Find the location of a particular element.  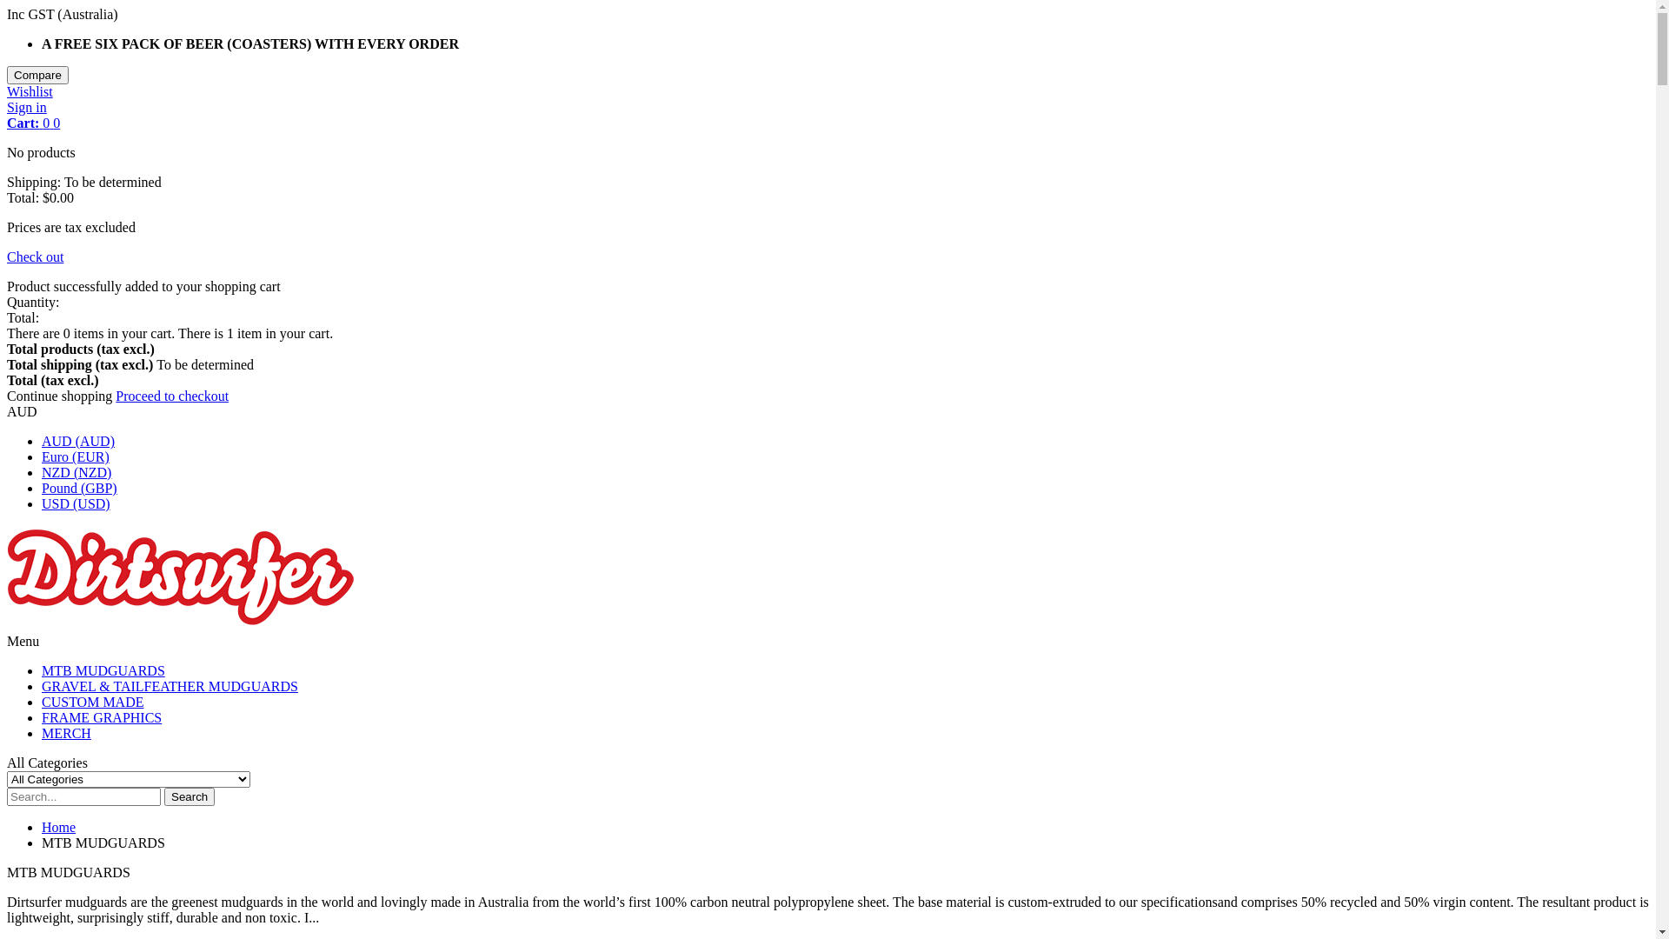

'USD (USD)' is located at coordinates (75, 503).